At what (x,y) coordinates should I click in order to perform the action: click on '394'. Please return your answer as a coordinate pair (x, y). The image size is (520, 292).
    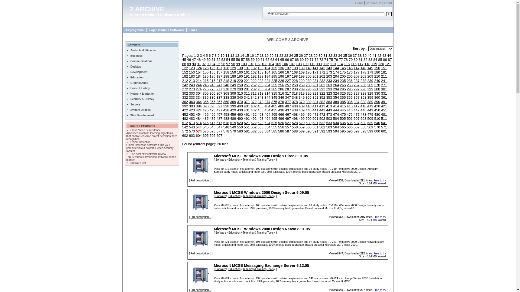
    Looking at the image, I should click on (196, 106).